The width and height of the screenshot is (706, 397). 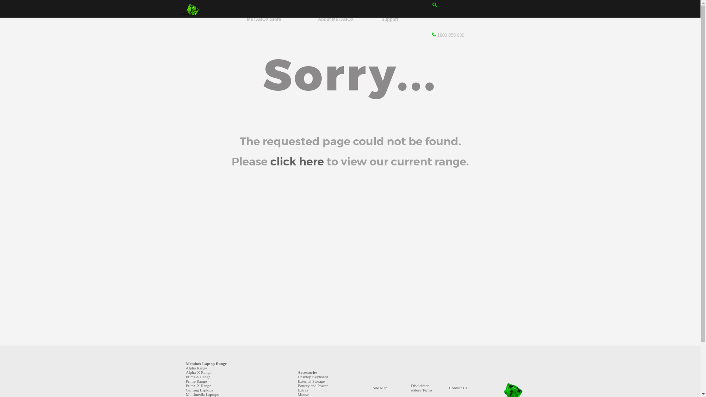 I want to click on 'Prime-S Range', so click(x=198, y=377).